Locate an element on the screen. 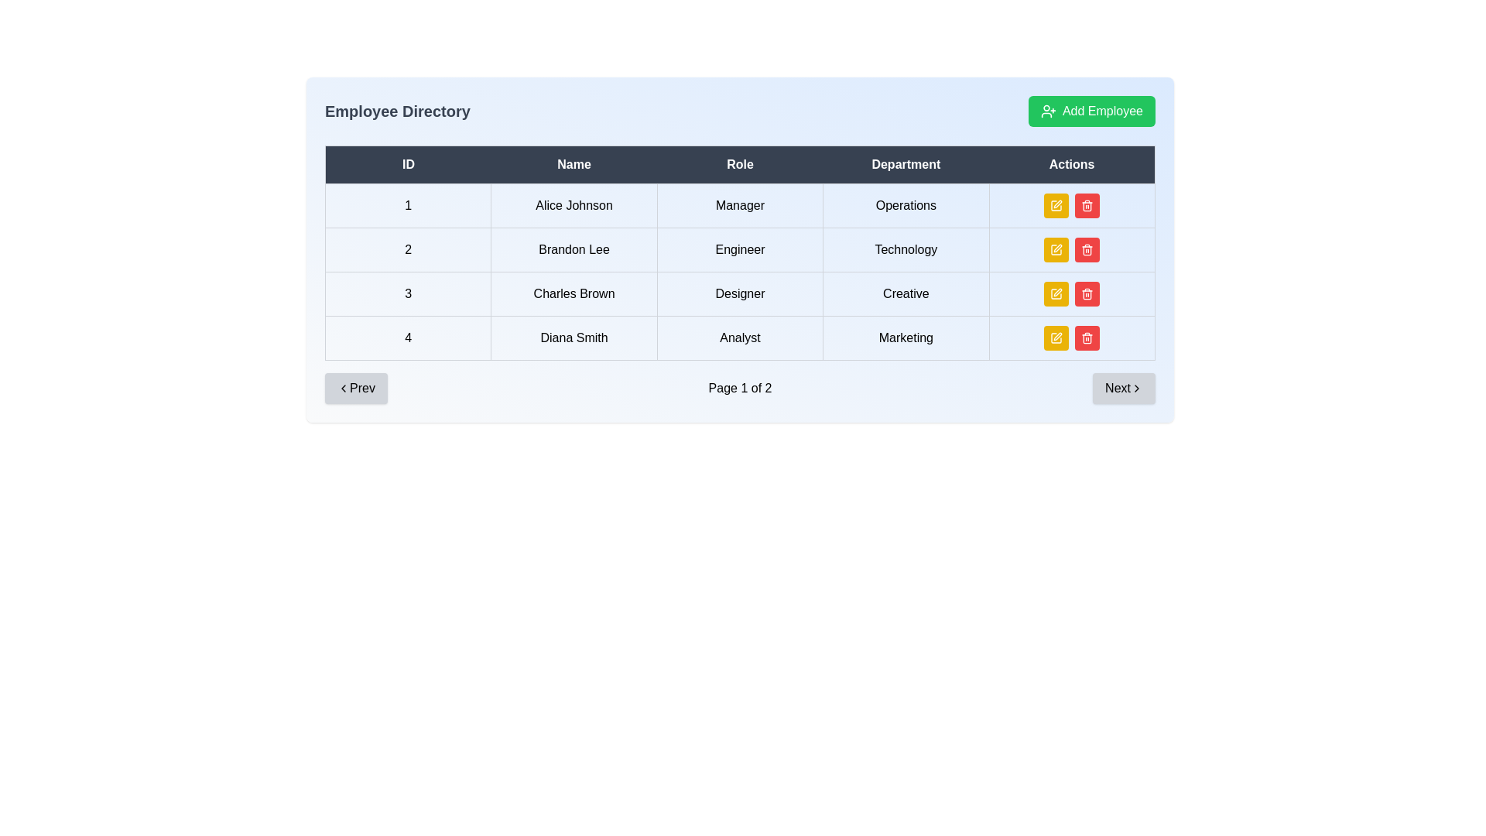  the bold heading 'Employee Directory' styled with a large font and grey color, which is positioned prominently above a data table and to the left of the 'Add Employee' green button is located at coordinates (397, 110).